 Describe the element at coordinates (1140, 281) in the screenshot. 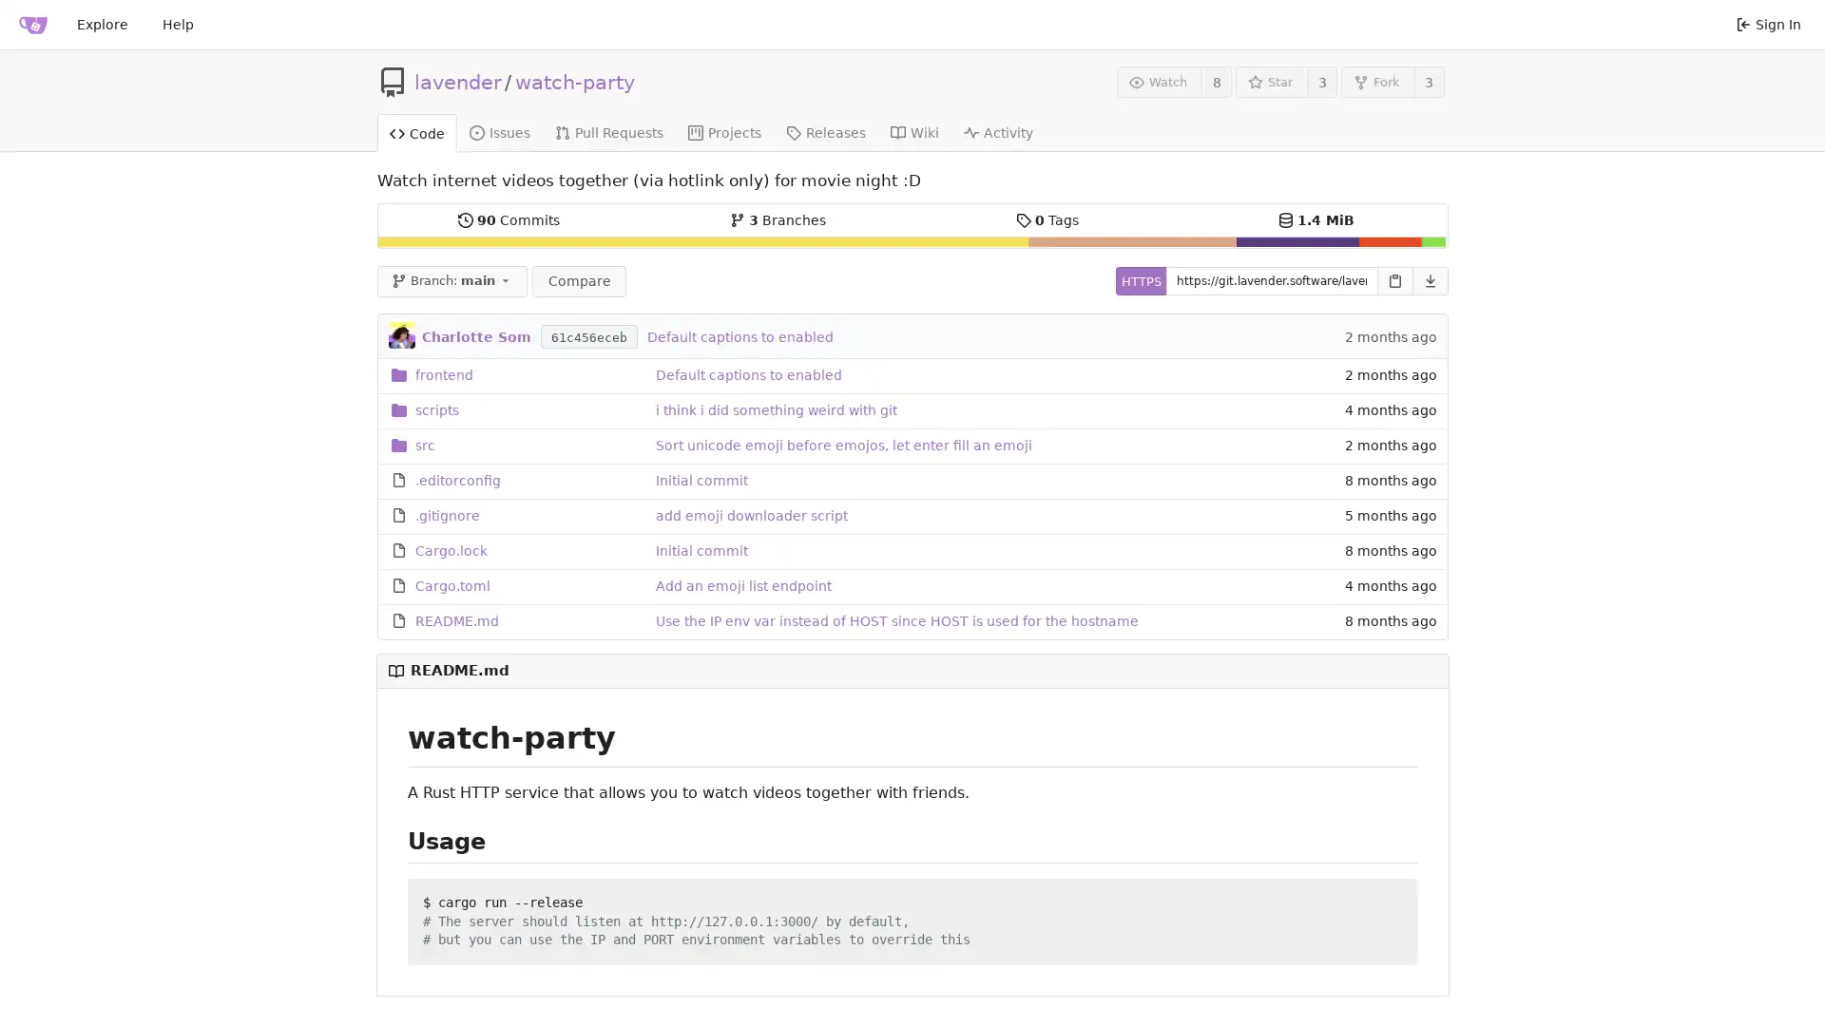

I see `HTTPS` at that location.